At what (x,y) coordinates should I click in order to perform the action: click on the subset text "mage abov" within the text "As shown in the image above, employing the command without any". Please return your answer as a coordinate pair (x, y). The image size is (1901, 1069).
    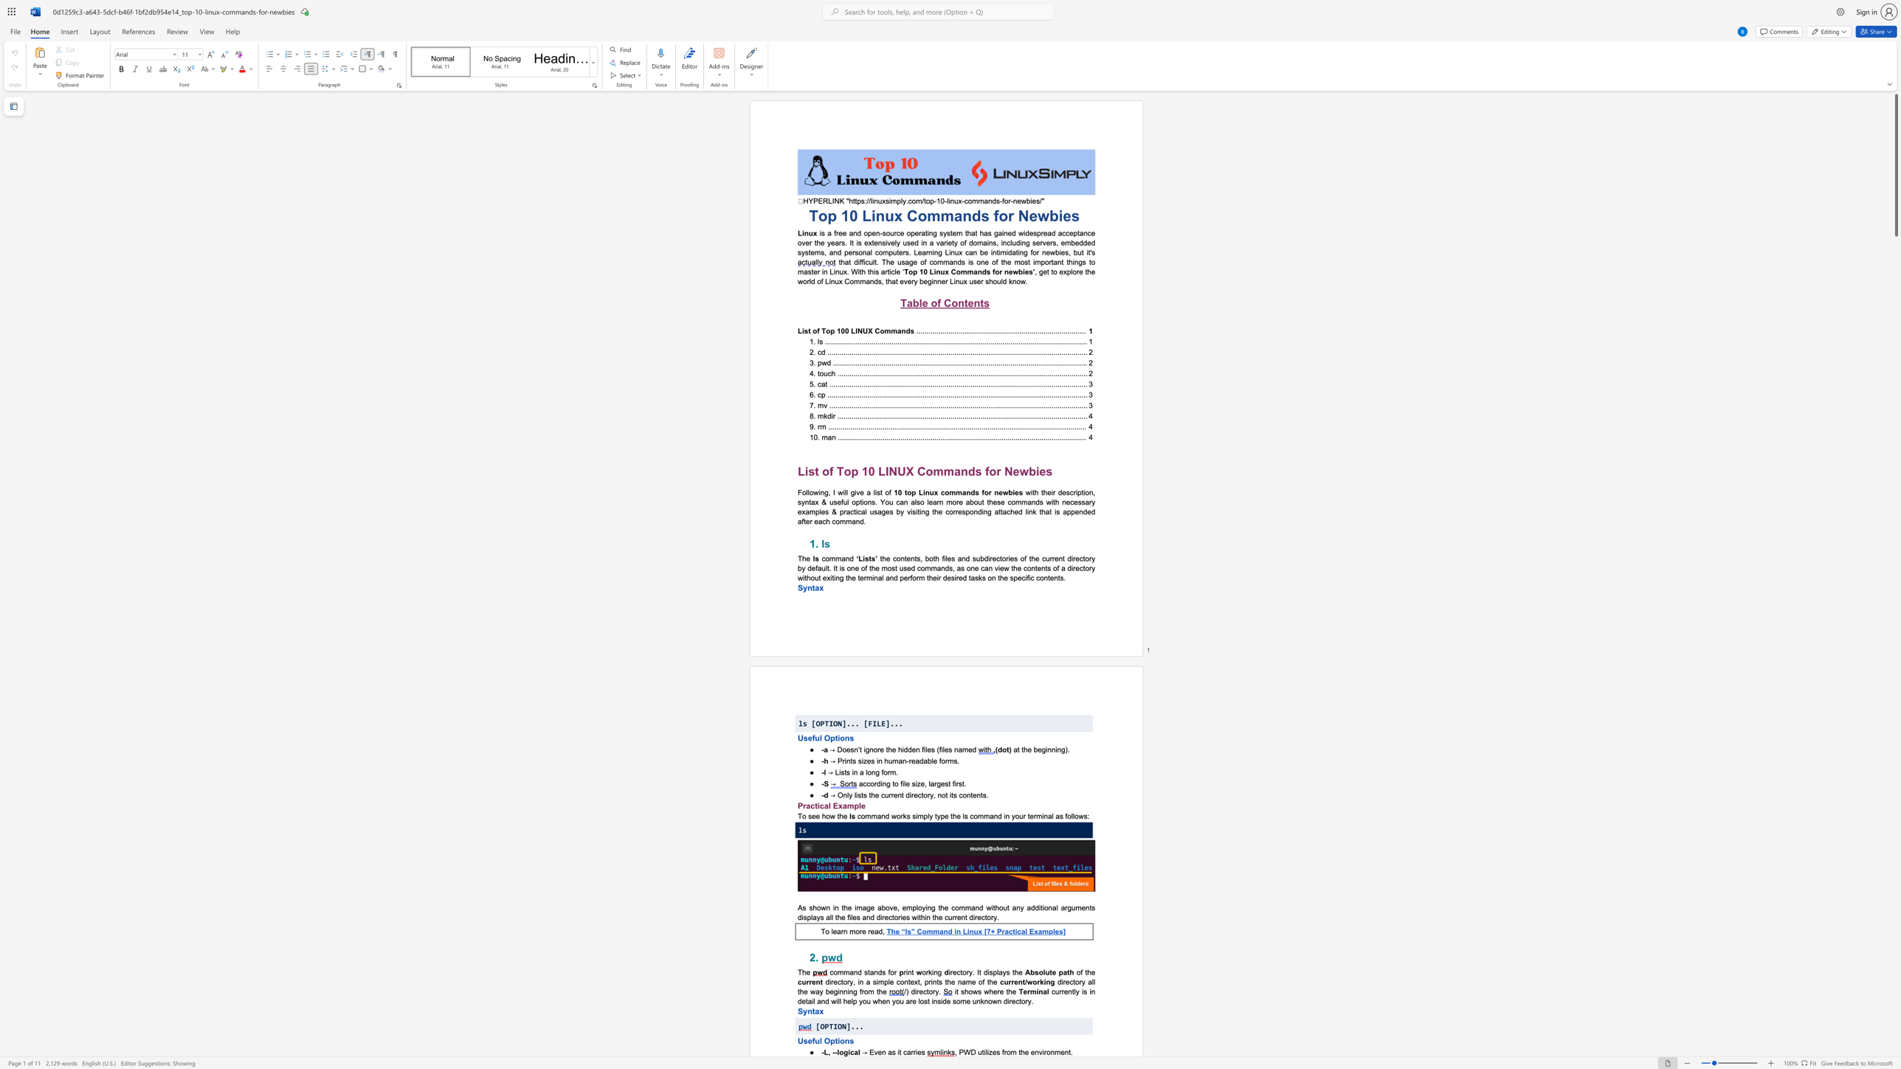
    Looking at the image, I should click on (855, 907).